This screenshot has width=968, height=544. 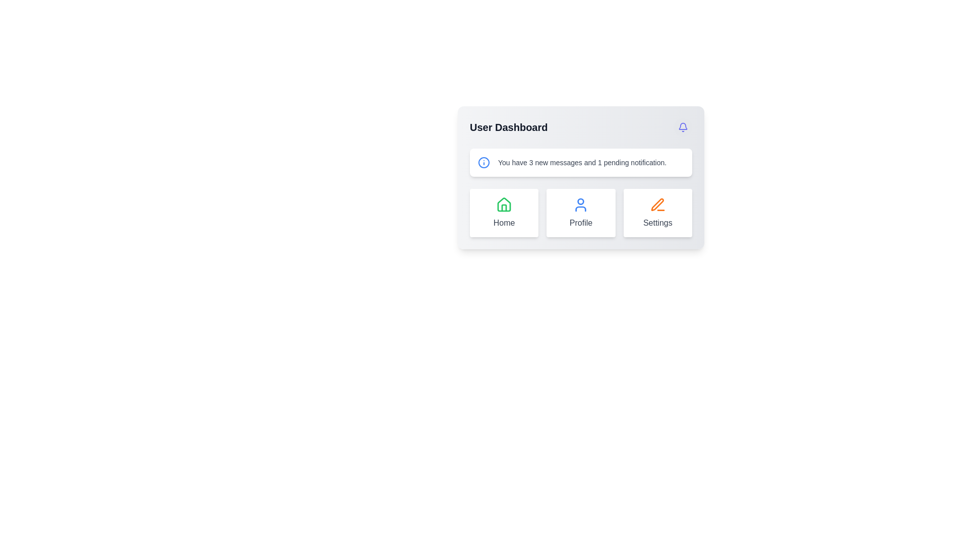 I want to click on the 'Profile' text label displayed in a subtle gray color, located in the middle card of the dashboard interface, so click(x=581, y=223).